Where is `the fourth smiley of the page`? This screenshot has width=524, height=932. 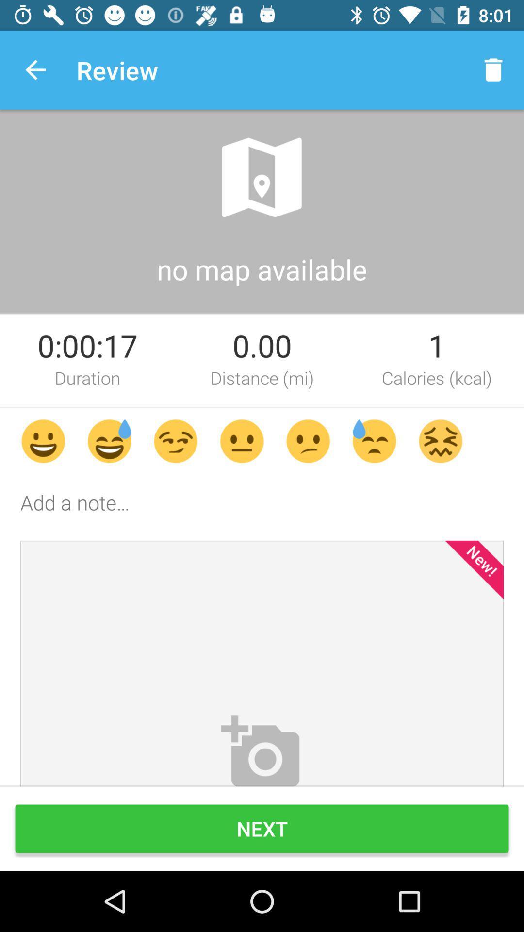
the fourth smiley of the page is located at coordinates (241, 440).